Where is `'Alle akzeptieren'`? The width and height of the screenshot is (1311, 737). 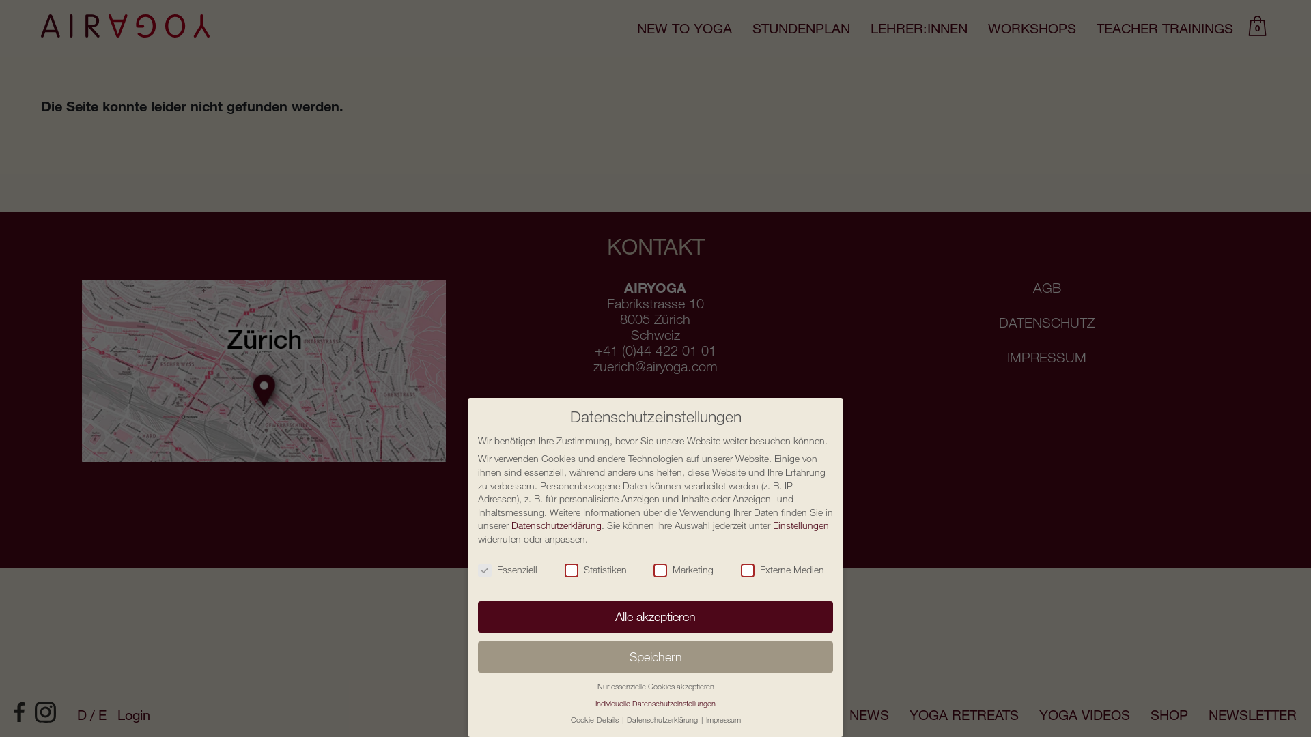 'Alle akzeptieren' is located at coordinates (655, 616).